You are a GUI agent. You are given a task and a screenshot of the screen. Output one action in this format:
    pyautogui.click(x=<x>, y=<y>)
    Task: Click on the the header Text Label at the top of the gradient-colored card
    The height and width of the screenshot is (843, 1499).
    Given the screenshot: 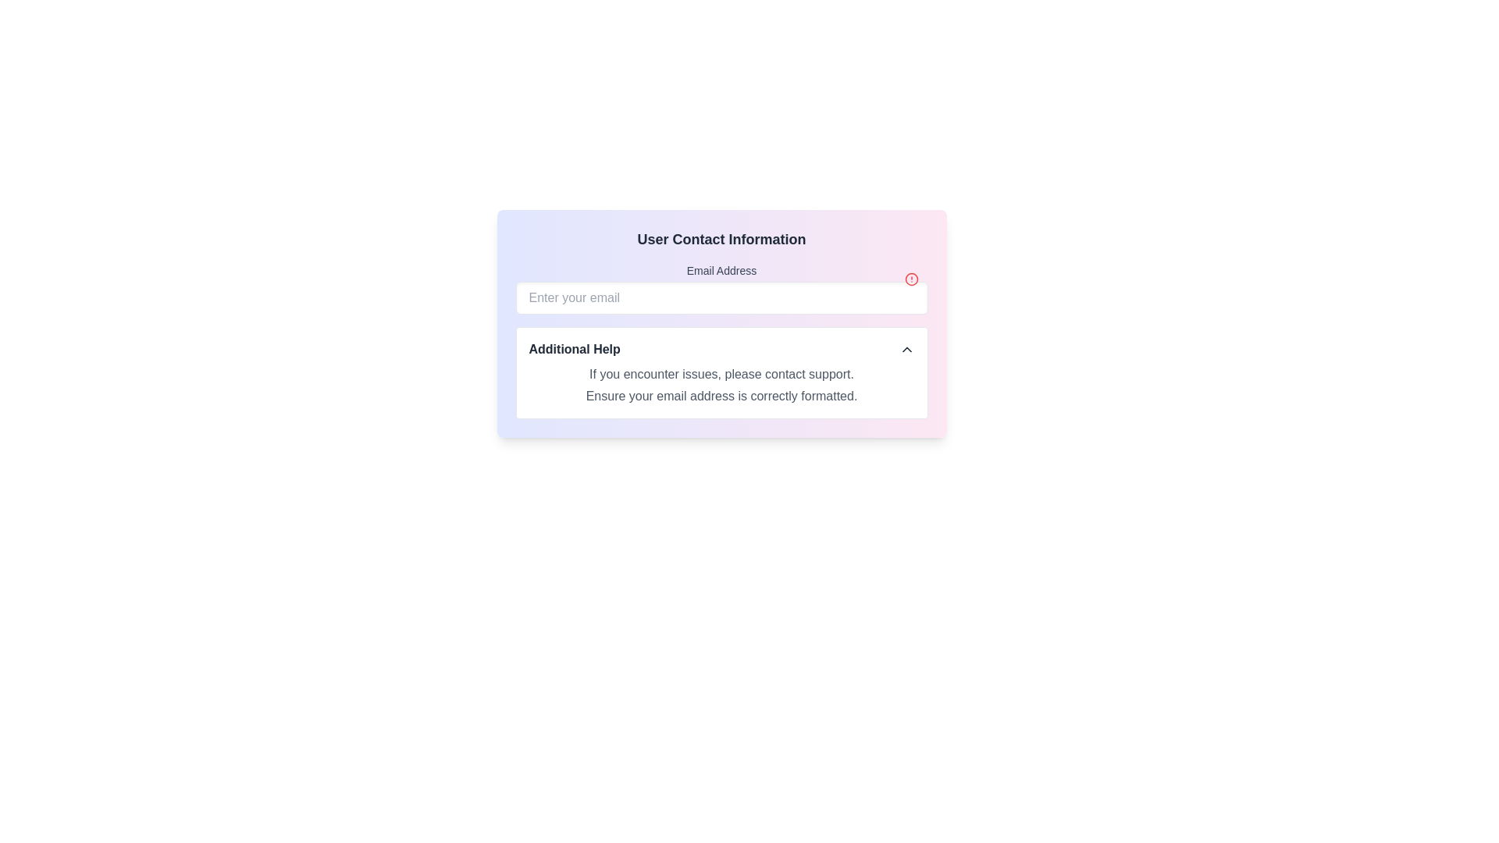 What is the action you would take?
    pyautogui.click(x=721, y=240)
    